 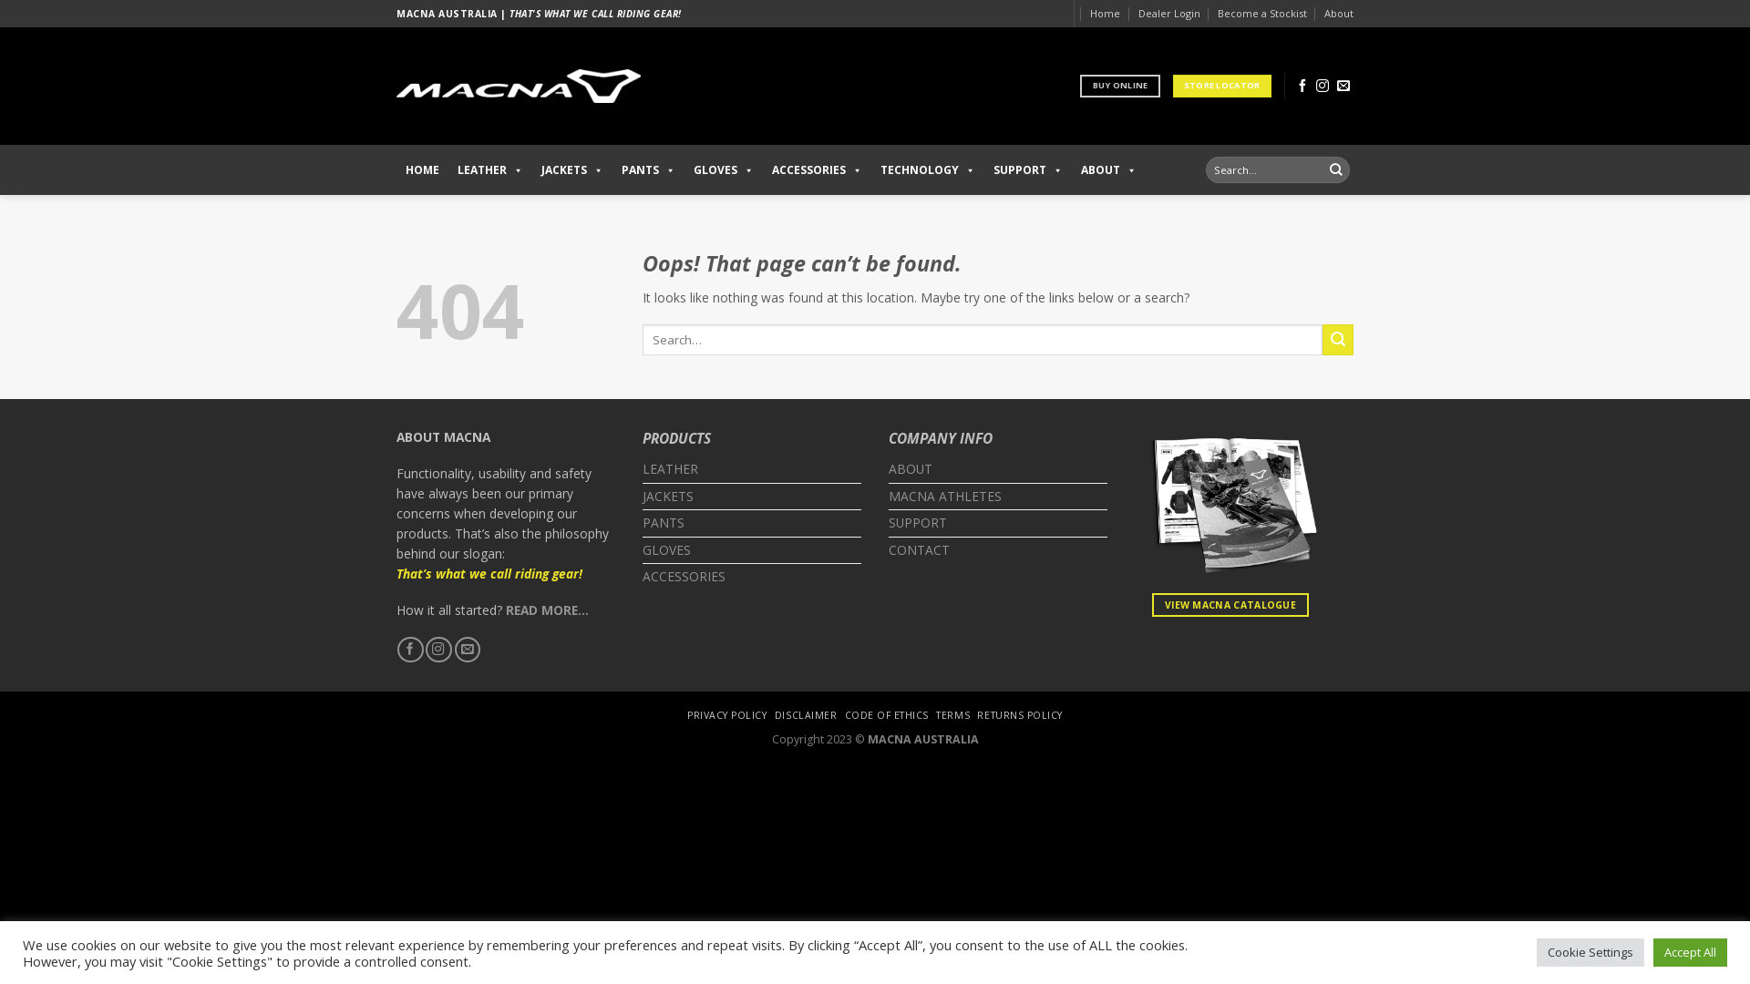 What do you see at coordinates (518, 87) in the screenshot?
I see `'Macna Riding Gear Australia - Macna Riding Gear Australia'` at bounding box center [518, 87].